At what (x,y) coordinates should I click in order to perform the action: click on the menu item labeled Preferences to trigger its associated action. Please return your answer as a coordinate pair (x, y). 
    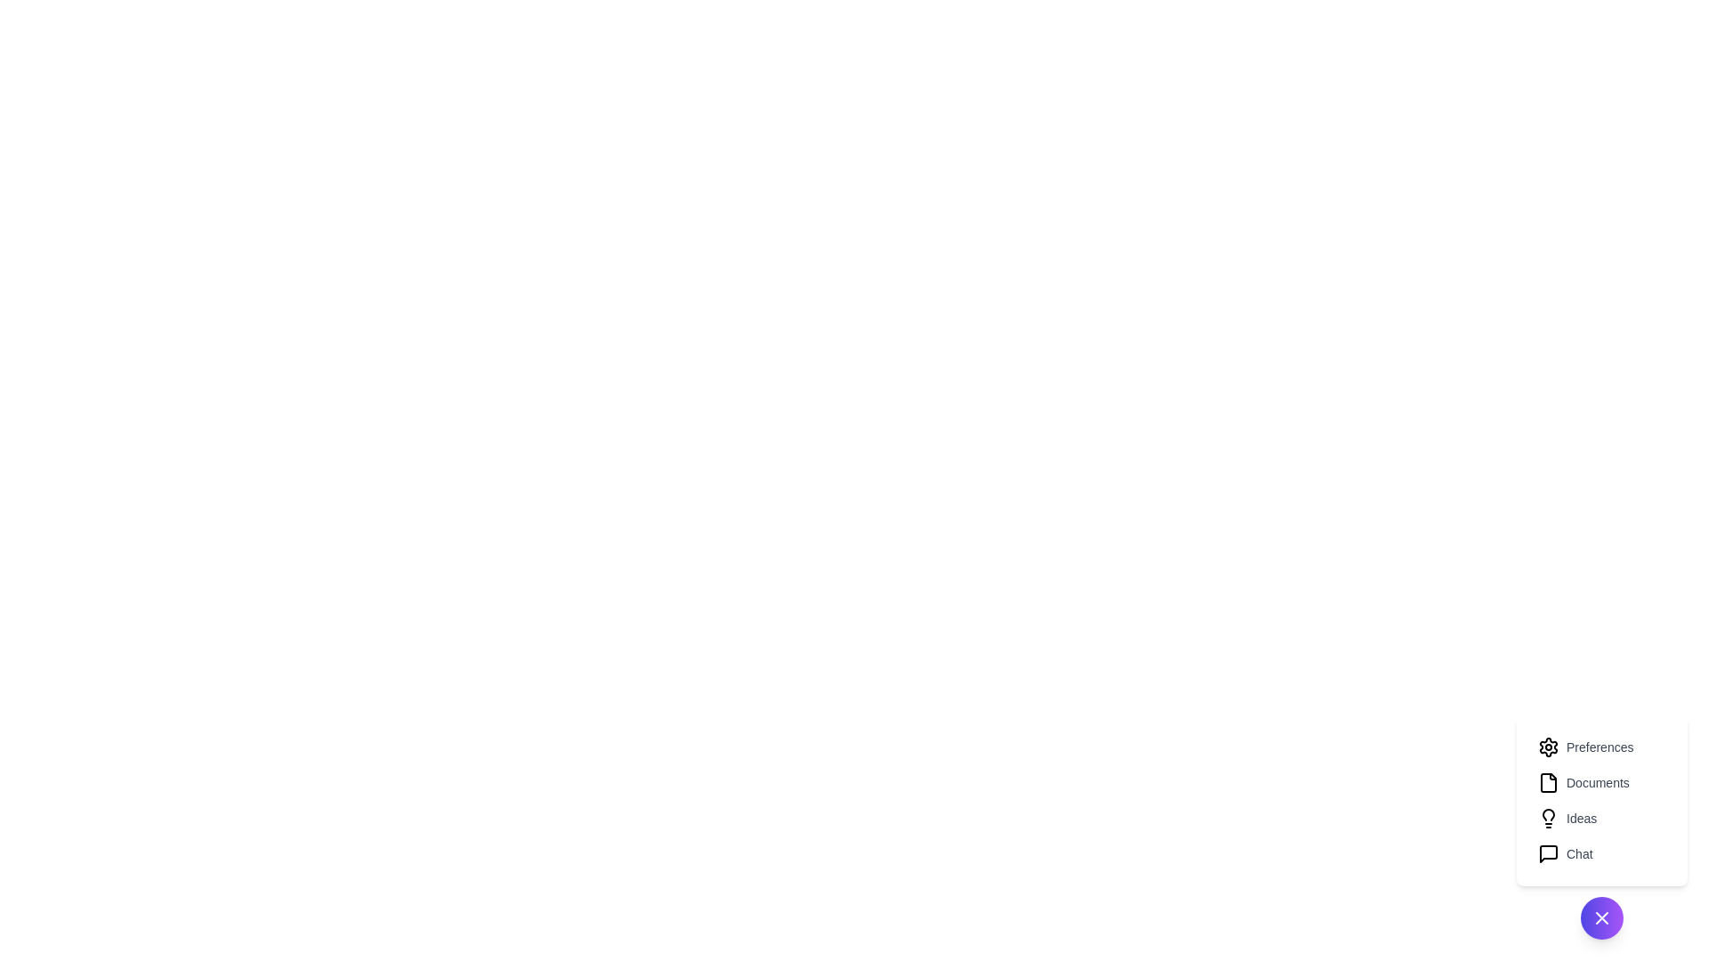
    Looking at the image, I should click on (1602, 747).